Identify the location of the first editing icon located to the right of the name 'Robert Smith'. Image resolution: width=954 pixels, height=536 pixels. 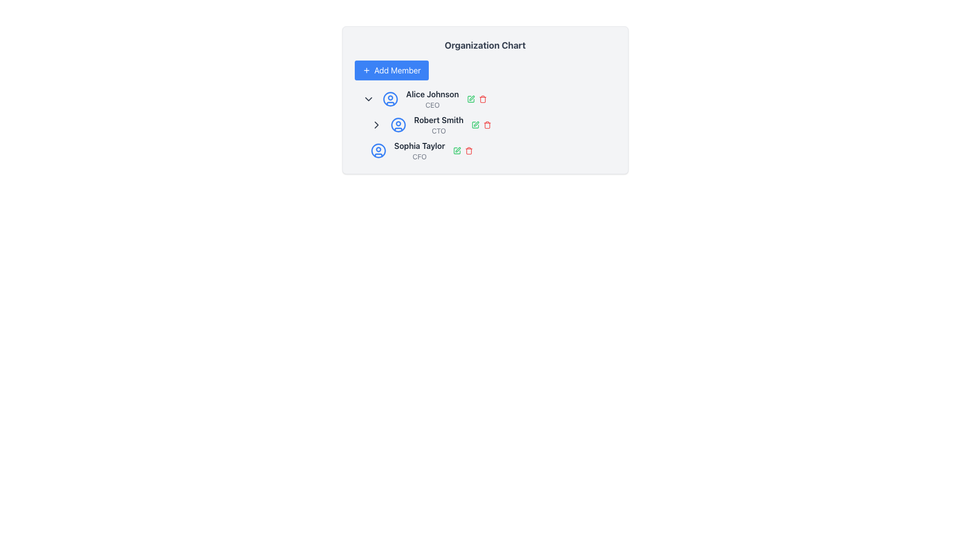
(475, 124).